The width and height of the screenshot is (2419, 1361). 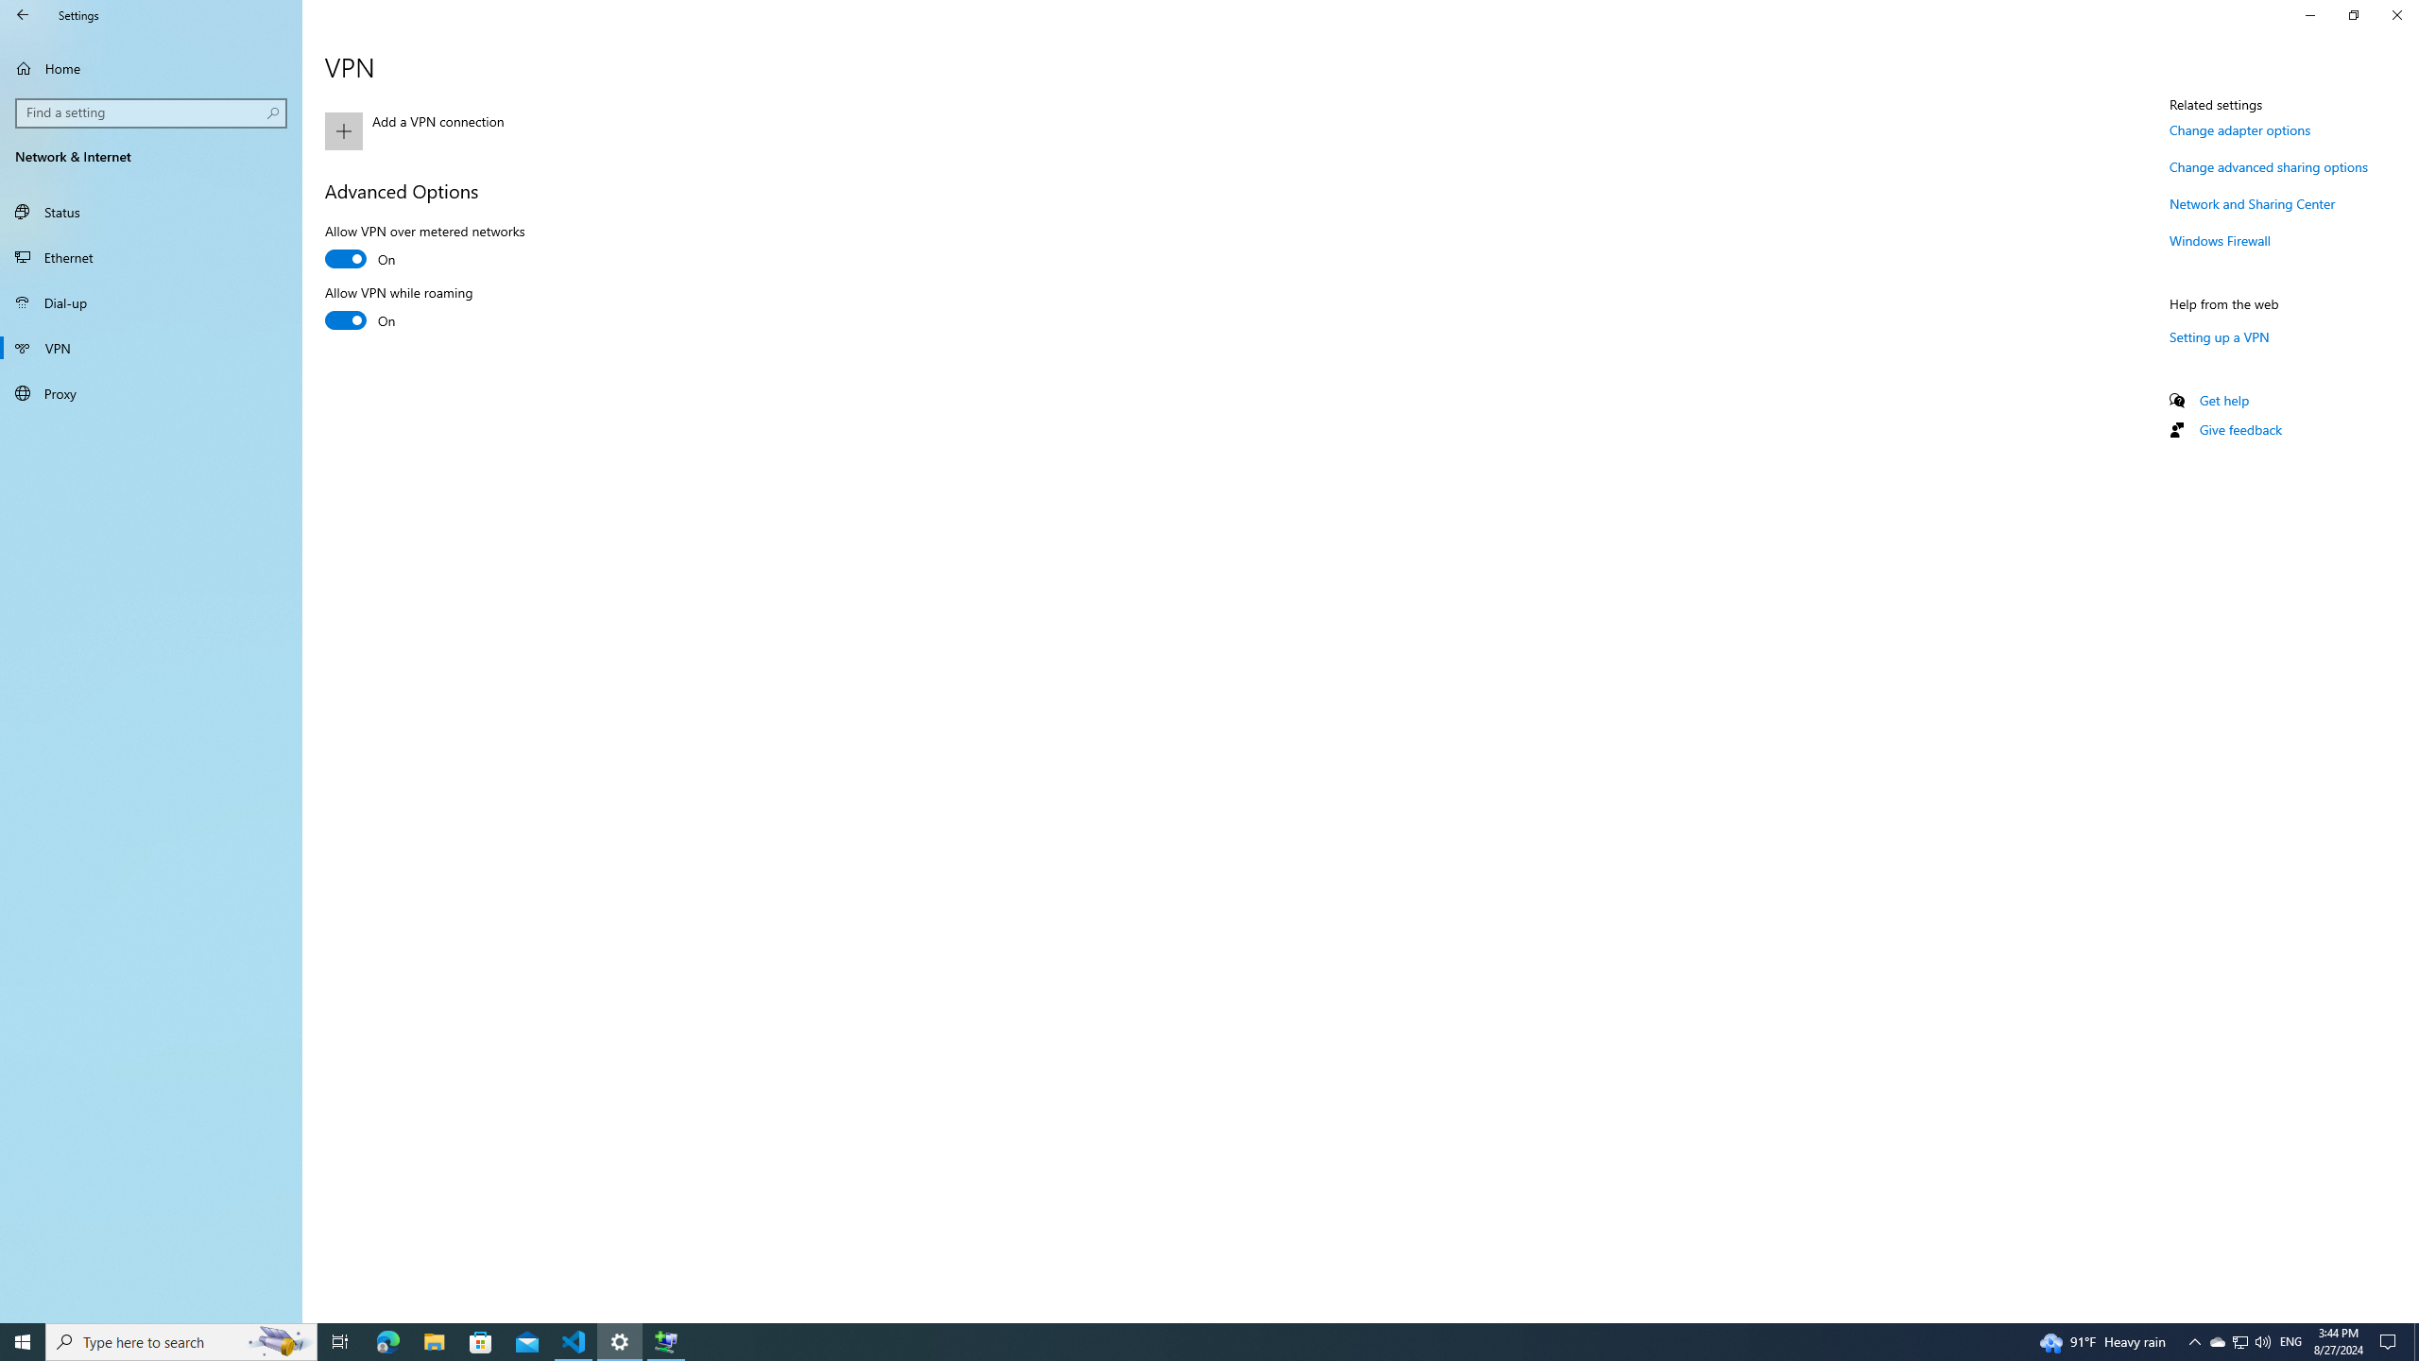 What do you see at coordinates (423, 247) in the screenshot?
I see `'Allow VPN over metered networks'` at bounding box center [423, 247].